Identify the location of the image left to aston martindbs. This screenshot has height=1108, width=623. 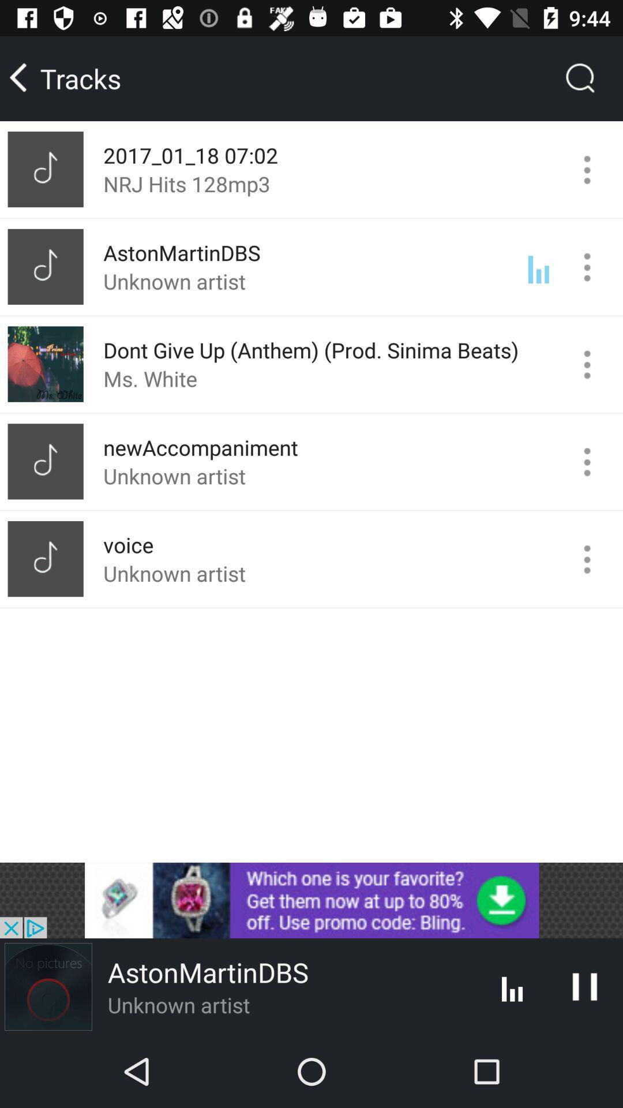
(48, 986).